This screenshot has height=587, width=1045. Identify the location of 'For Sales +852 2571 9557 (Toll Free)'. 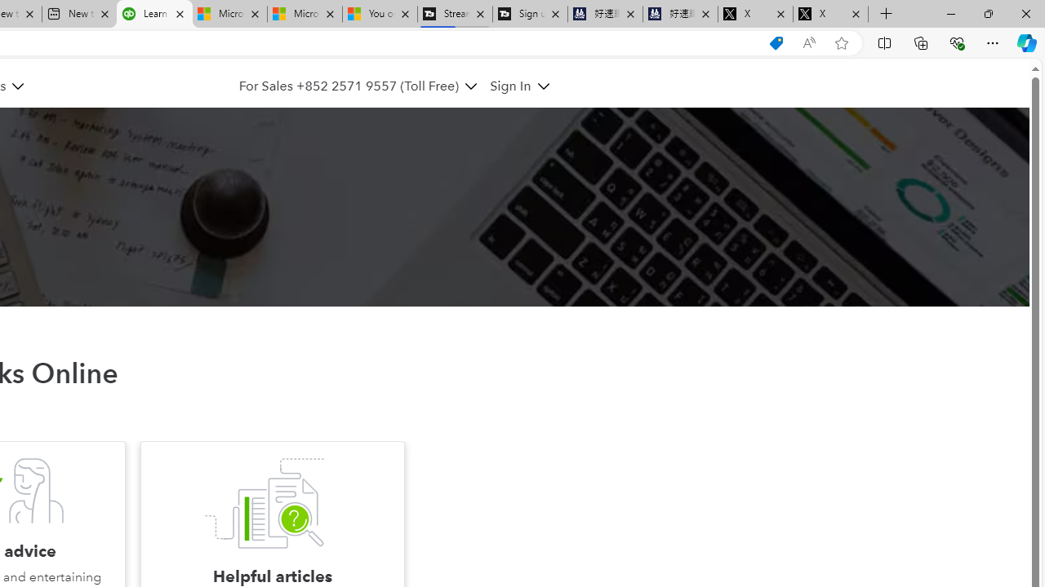
(357, 86).